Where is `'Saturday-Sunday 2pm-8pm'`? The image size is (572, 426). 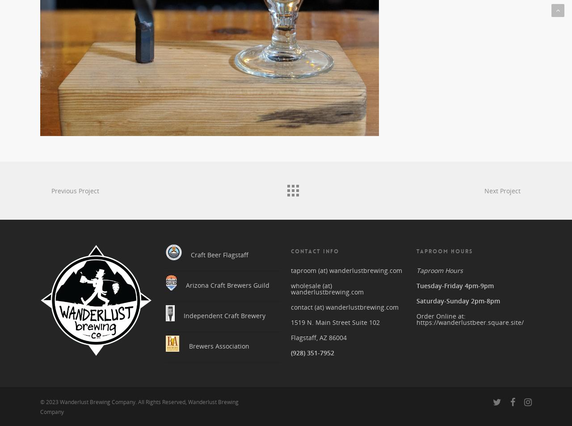 'Saturday-Sunday 2pm-8pm' is located at coordinates (458, 297).